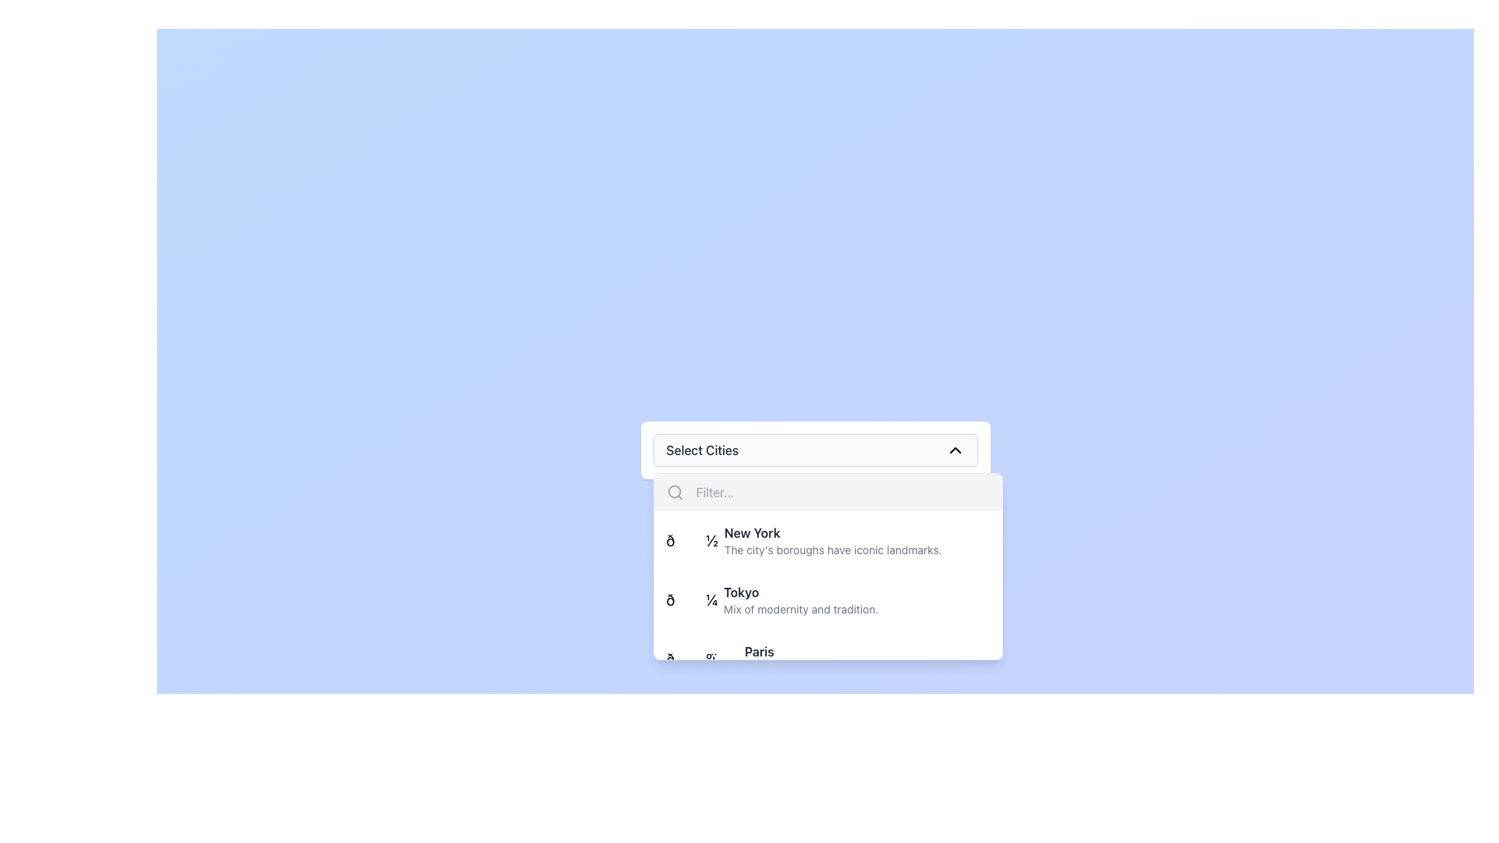 The height and width of the screenshot is (843, 1499). I want to click on the black document glyph icon located to the left of the text 'Tokyo' in the interface, so click(691, 599).